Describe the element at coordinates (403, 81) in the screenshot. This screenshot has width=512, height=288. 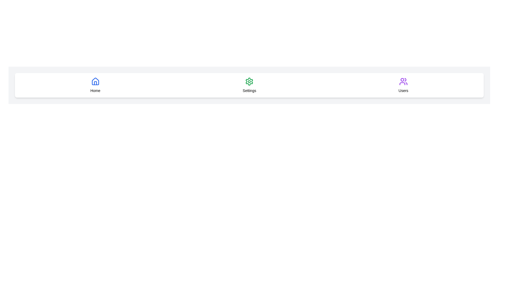
I see `the central icon in the 'Users' section` at that location.